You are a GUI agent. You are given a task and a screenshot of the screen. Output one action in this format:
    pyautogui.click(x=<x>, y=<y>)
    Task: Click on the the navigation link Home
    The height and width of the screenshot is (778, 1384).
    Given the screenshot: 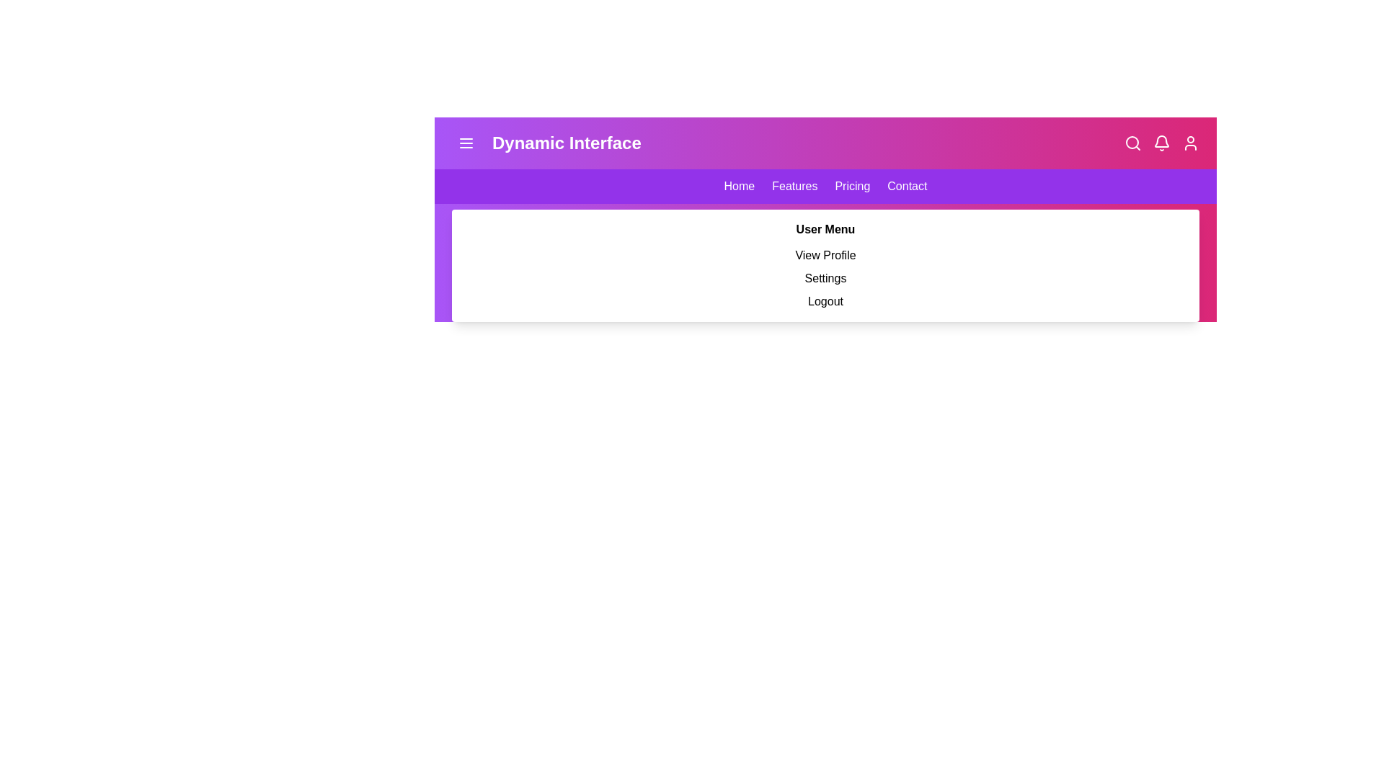 What is the action you would take?
    pyautogui.click(x=739, y=185)
    